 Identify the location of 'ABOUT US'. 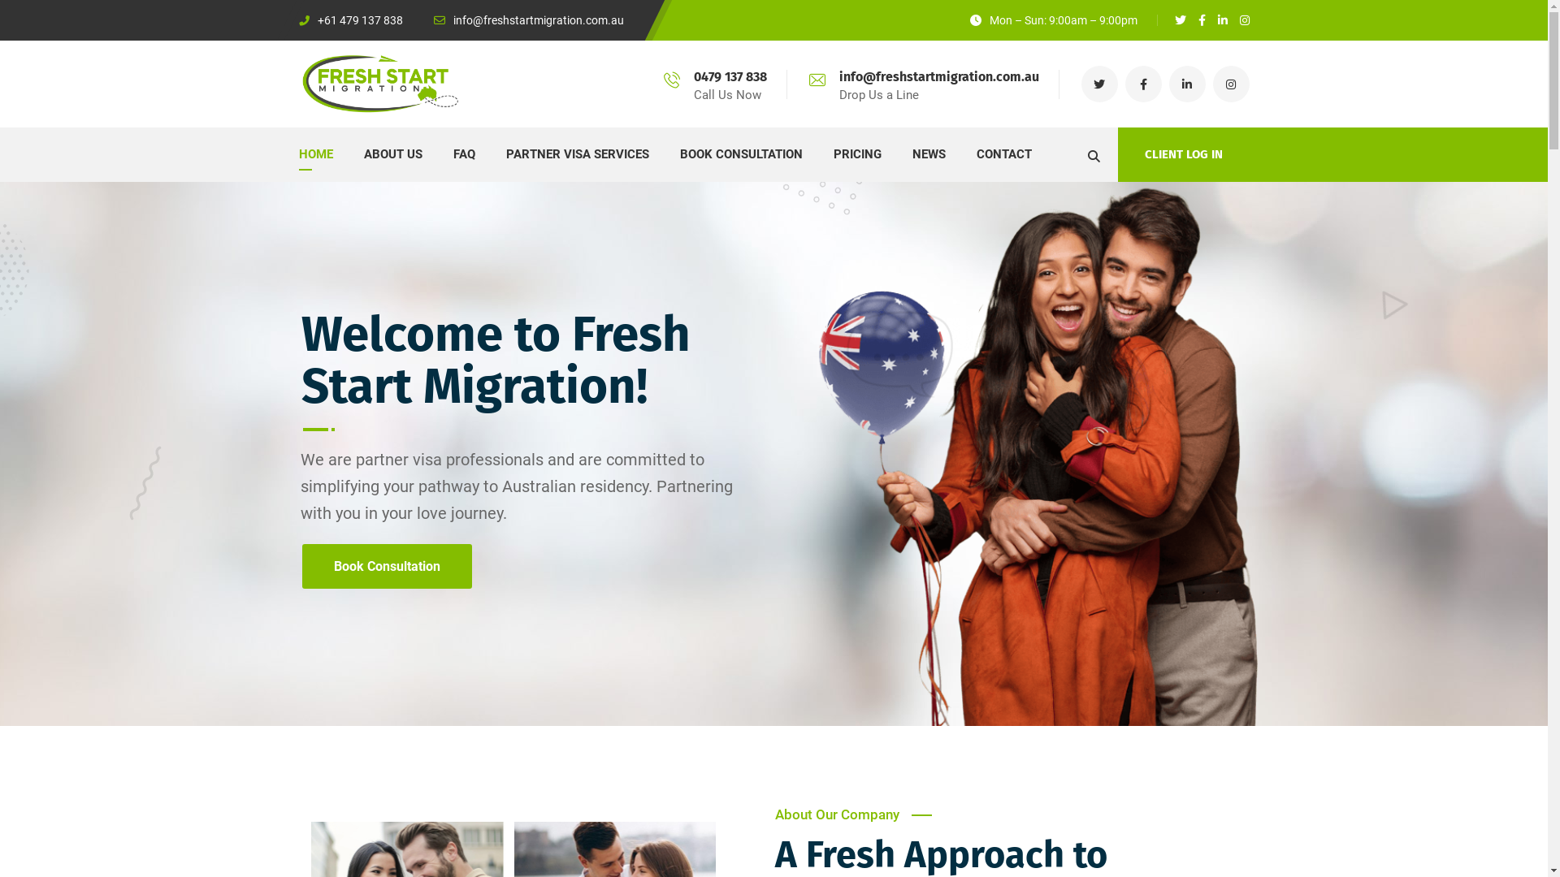
(393, 154).